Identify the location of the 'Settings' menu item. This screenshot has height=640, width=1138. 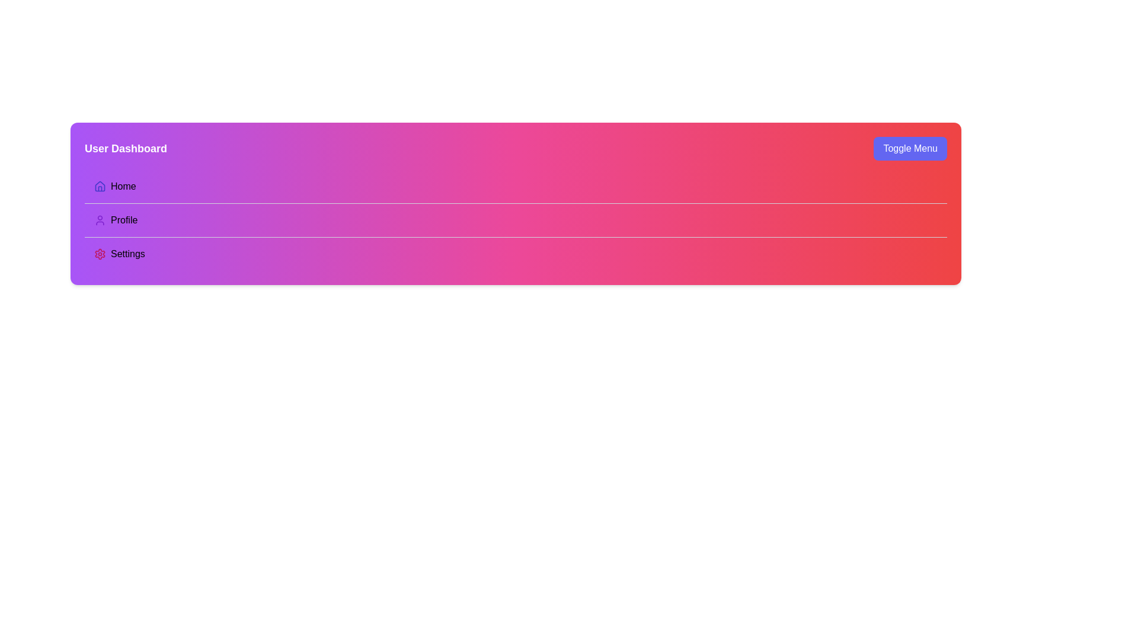
(516, 253).